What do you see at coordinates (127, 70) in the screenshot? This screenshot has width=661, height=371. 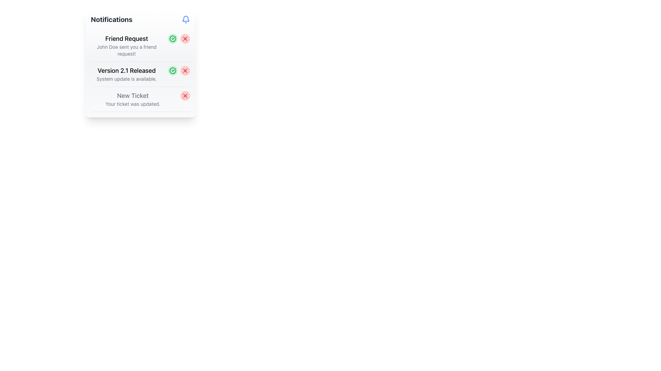 I see `the bold static text element that reads 'Version 2.1 Released.' which is the first line in the second notification card` at bounding box center [127, 70].